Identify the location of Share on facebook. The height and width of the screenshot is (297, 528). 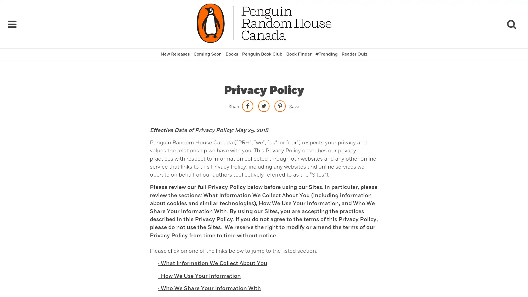
(247, 87).